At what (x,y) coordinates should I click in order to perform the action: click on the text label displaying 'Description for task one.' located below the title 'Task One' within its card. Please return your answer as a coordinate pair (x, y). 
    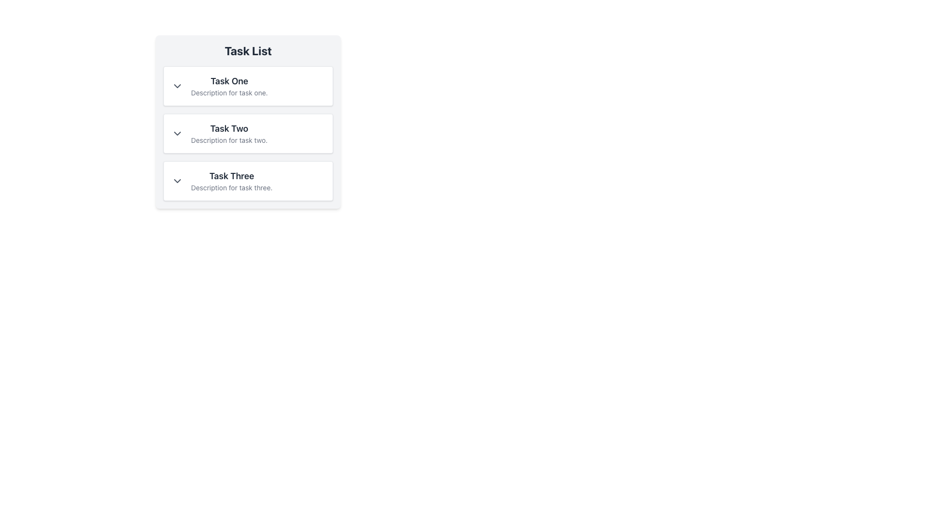
    Looking at the image, I should click on (229, 93).